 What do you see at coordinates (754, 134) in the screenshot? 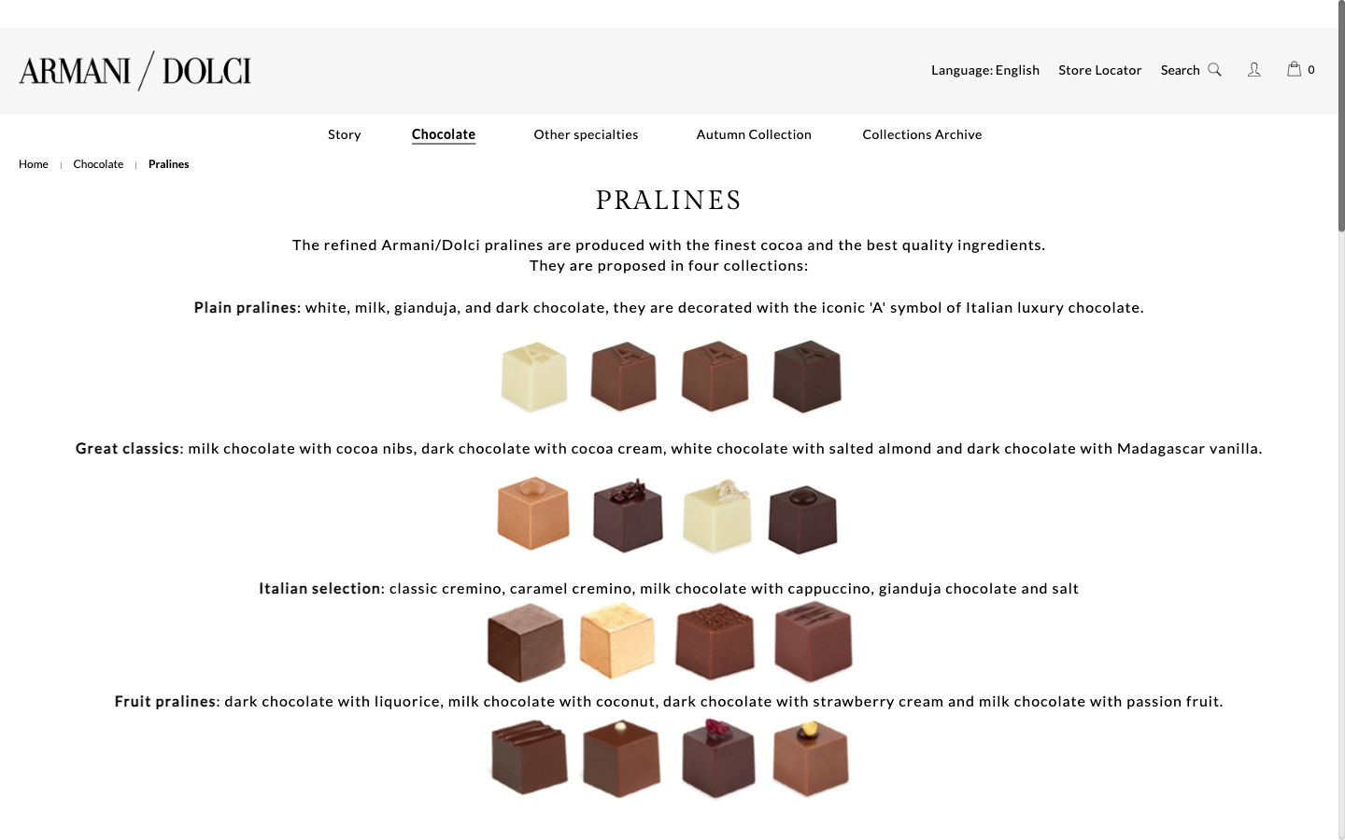
I see `the fall selection of chocolates` at bounding box center [754, 134].